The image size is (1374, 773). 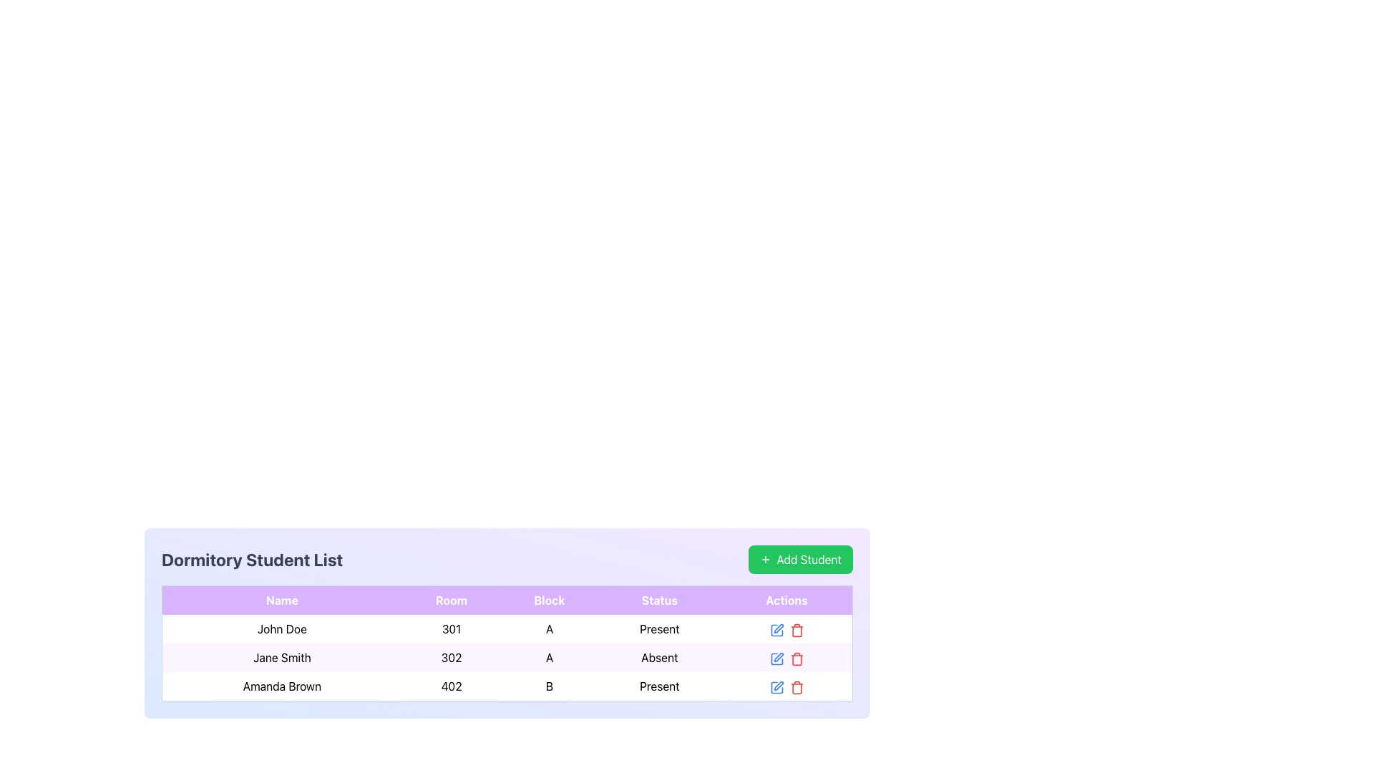 What do you see at coordinates (778, 657) in the screenshot?
I see `the red icon button resembling a pen in the 'Actions' column for 'Jane Smith'` at bounding box center [778, 657].